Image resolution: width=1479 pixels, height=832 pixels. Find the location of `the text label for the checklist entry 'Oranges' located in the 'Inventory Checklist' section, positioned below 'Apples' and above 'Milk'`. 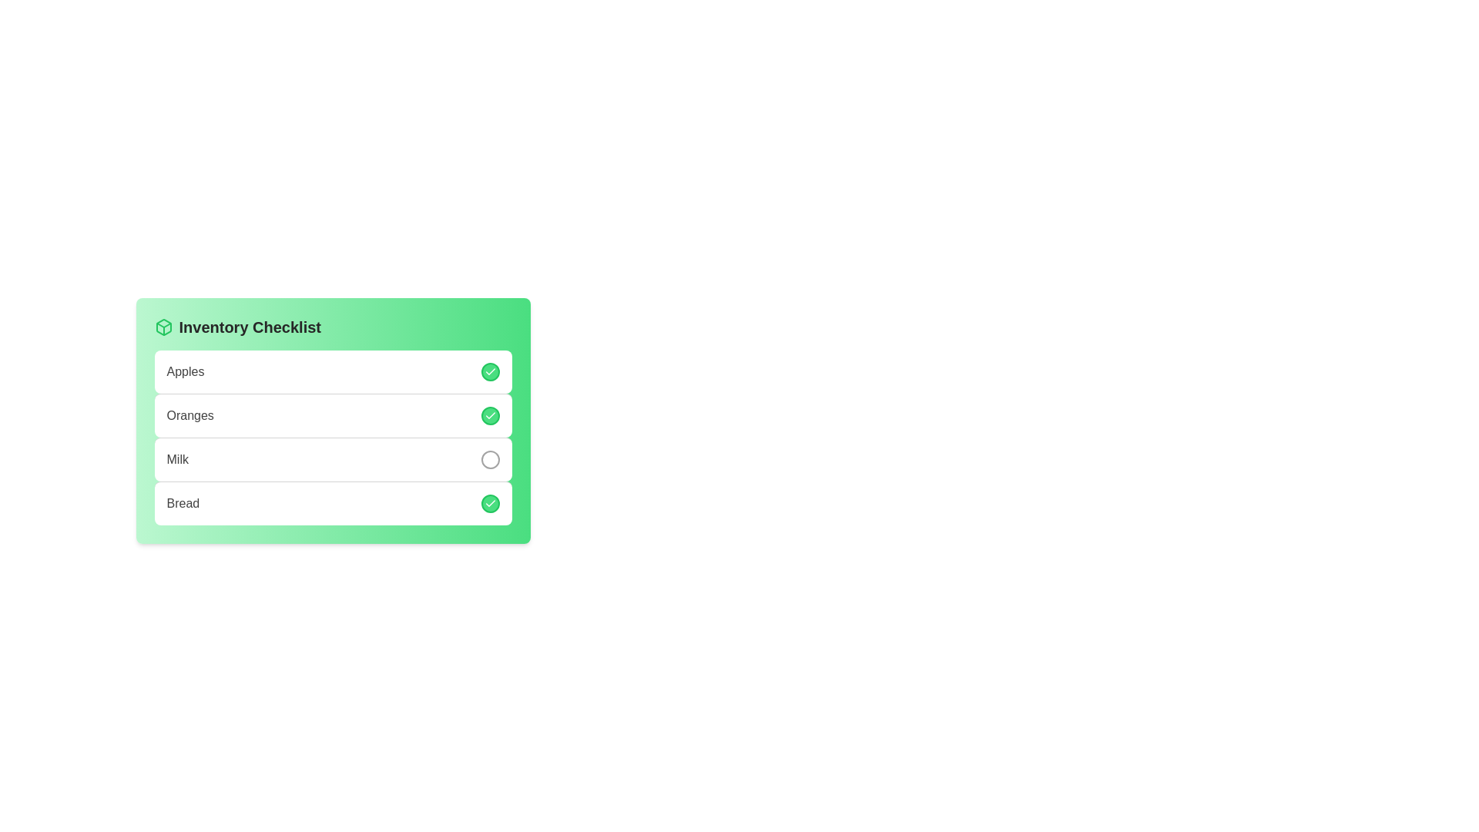

the text label for the checklist entry 'Oranges' located in the 'Inventory Checklist' section, positioned below 'Apples' and above 'Milk' is located at coordinates (189, 416).